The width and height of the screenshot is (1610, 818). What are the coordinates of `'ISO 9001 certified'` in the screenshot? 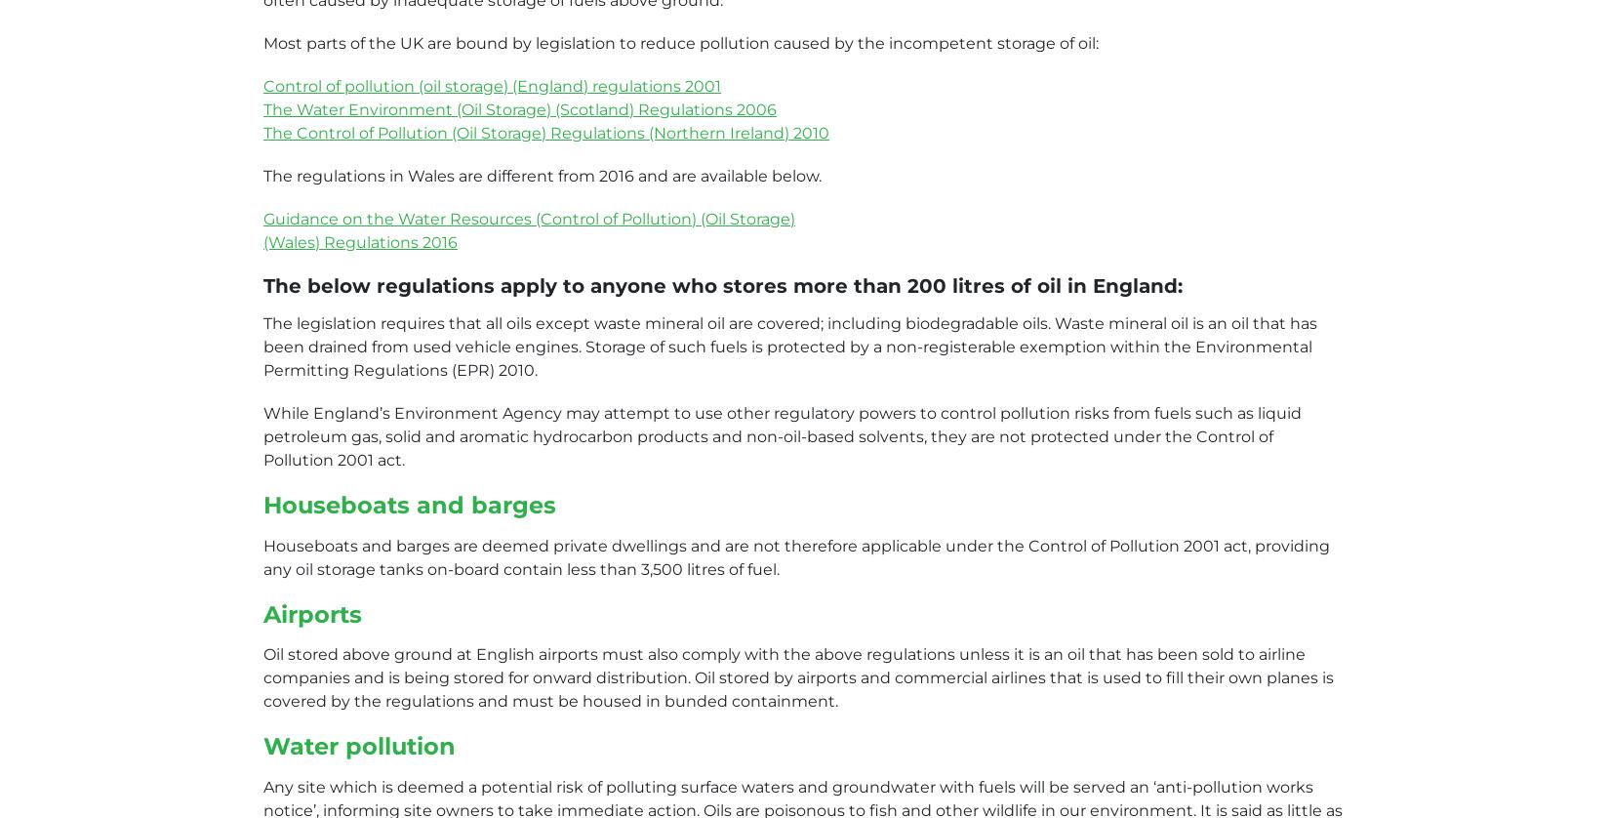 It's located at (262, 353).